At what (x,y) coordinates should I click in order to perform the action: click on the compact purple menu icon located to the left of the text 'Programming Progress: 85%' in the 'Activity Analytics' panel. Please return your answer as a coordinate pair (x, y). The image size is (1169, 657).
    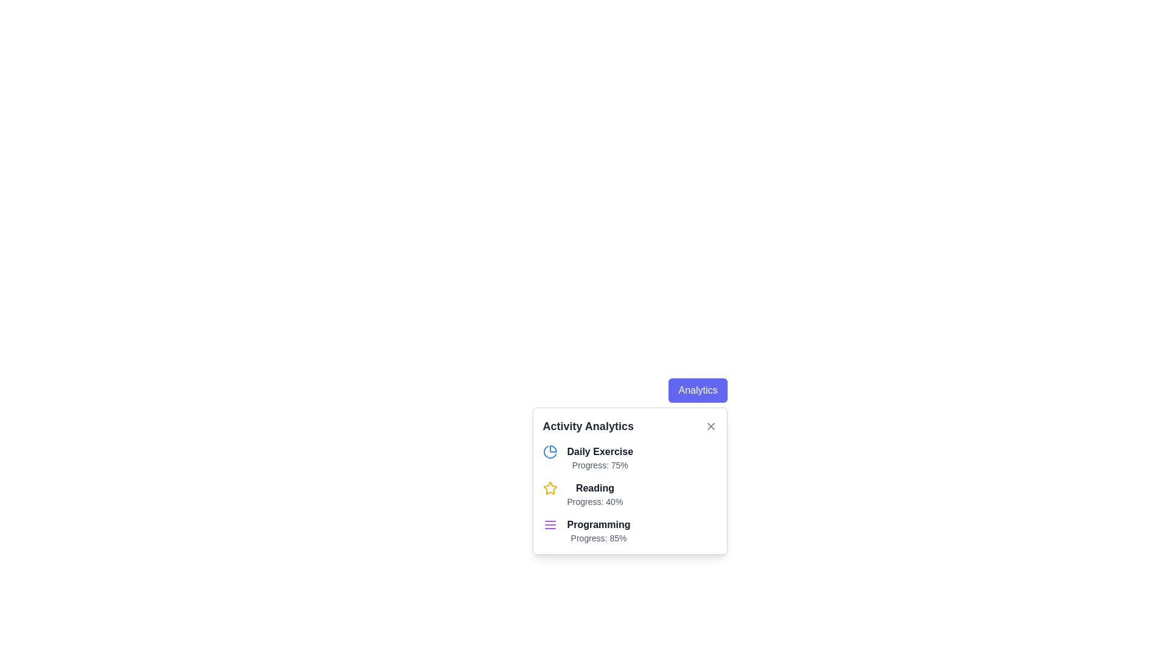
    Looking at the image, I should click on (549, 524).